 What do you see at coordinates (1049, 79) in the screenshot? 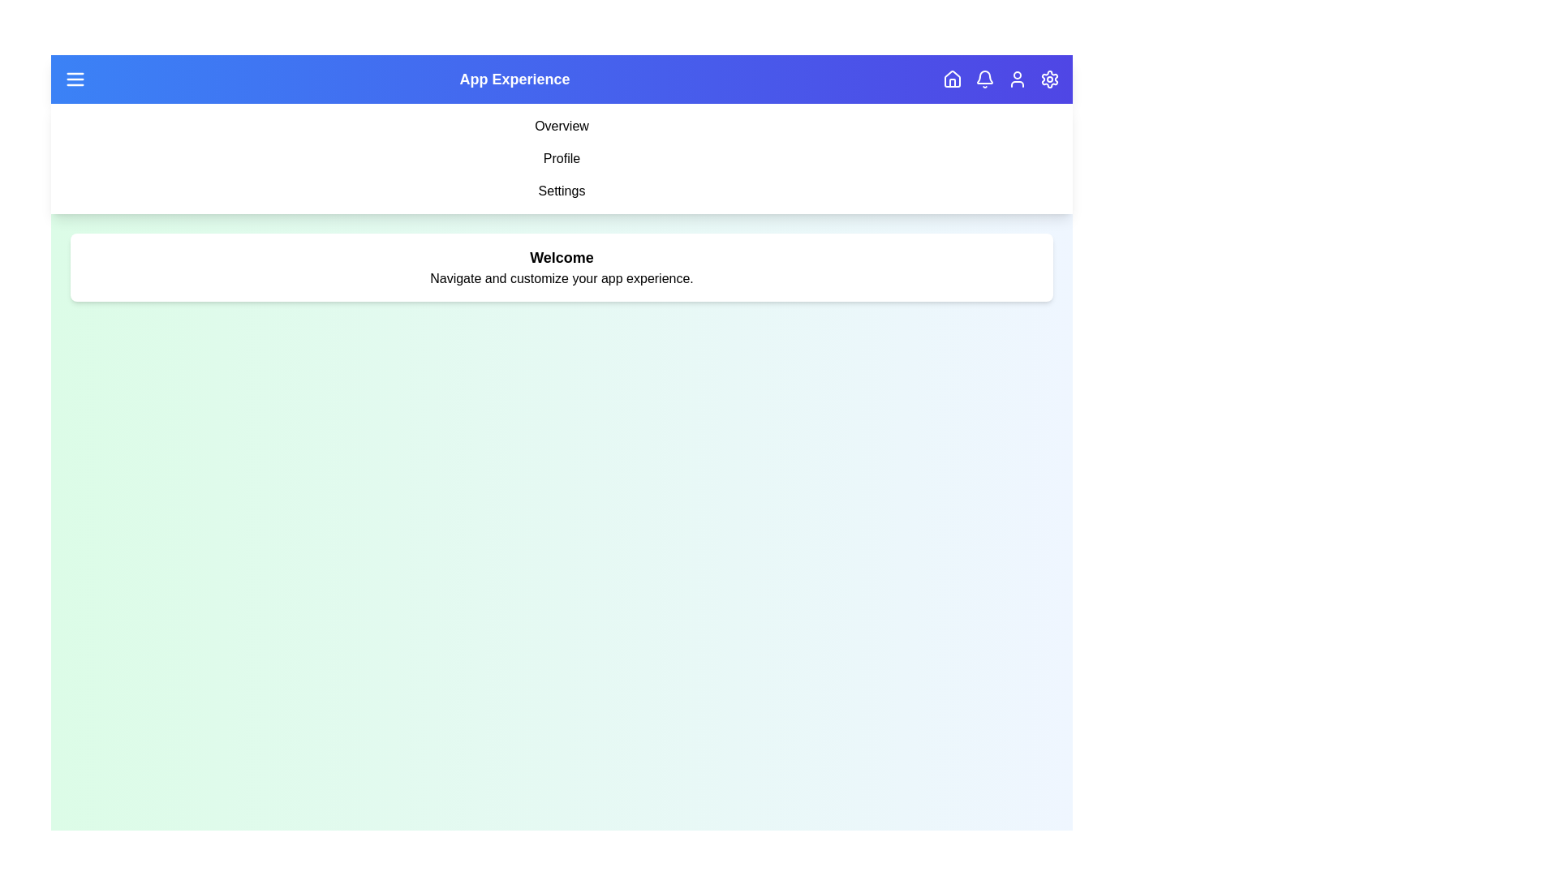
I see `the navigation button corresponding to settings` at bounding box center [1049, 79].